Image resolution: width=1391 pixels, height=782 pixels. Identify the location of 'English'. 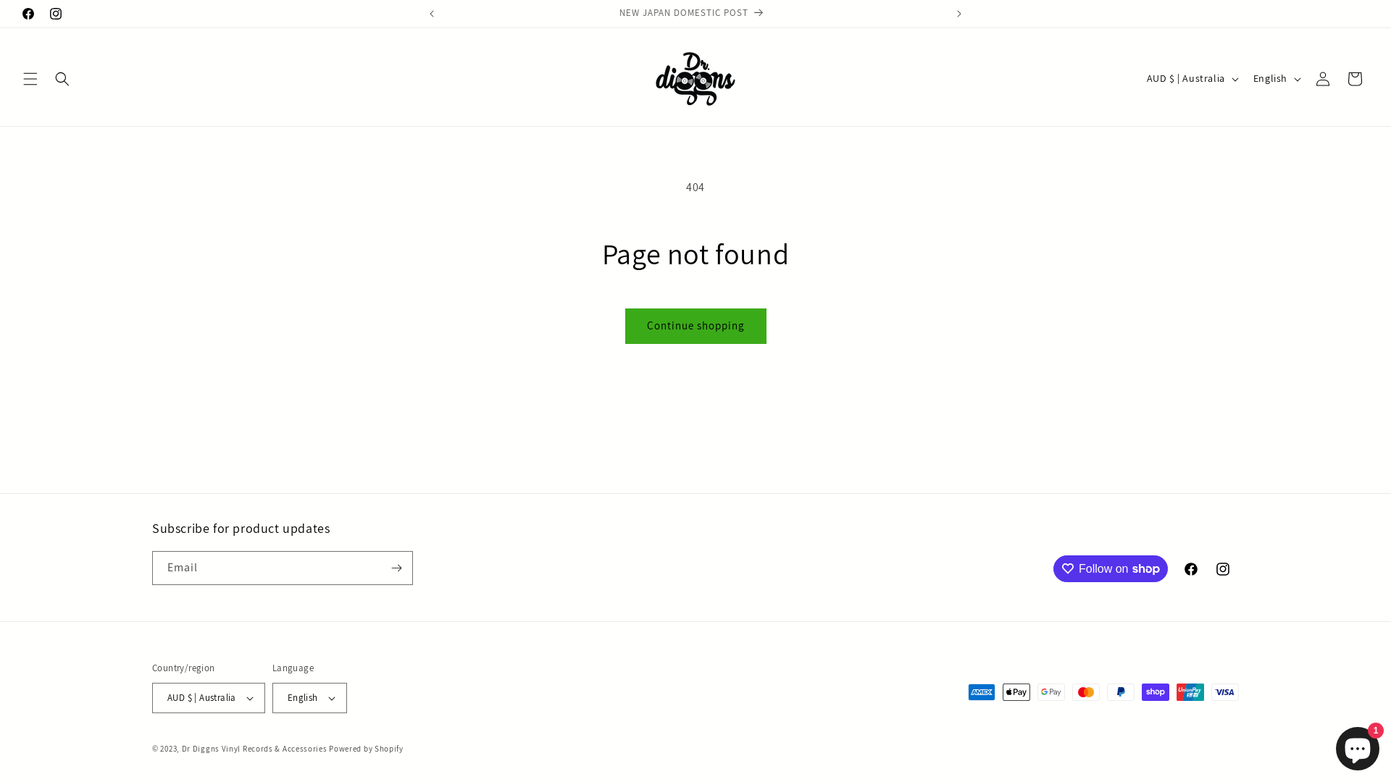
(309, 697).